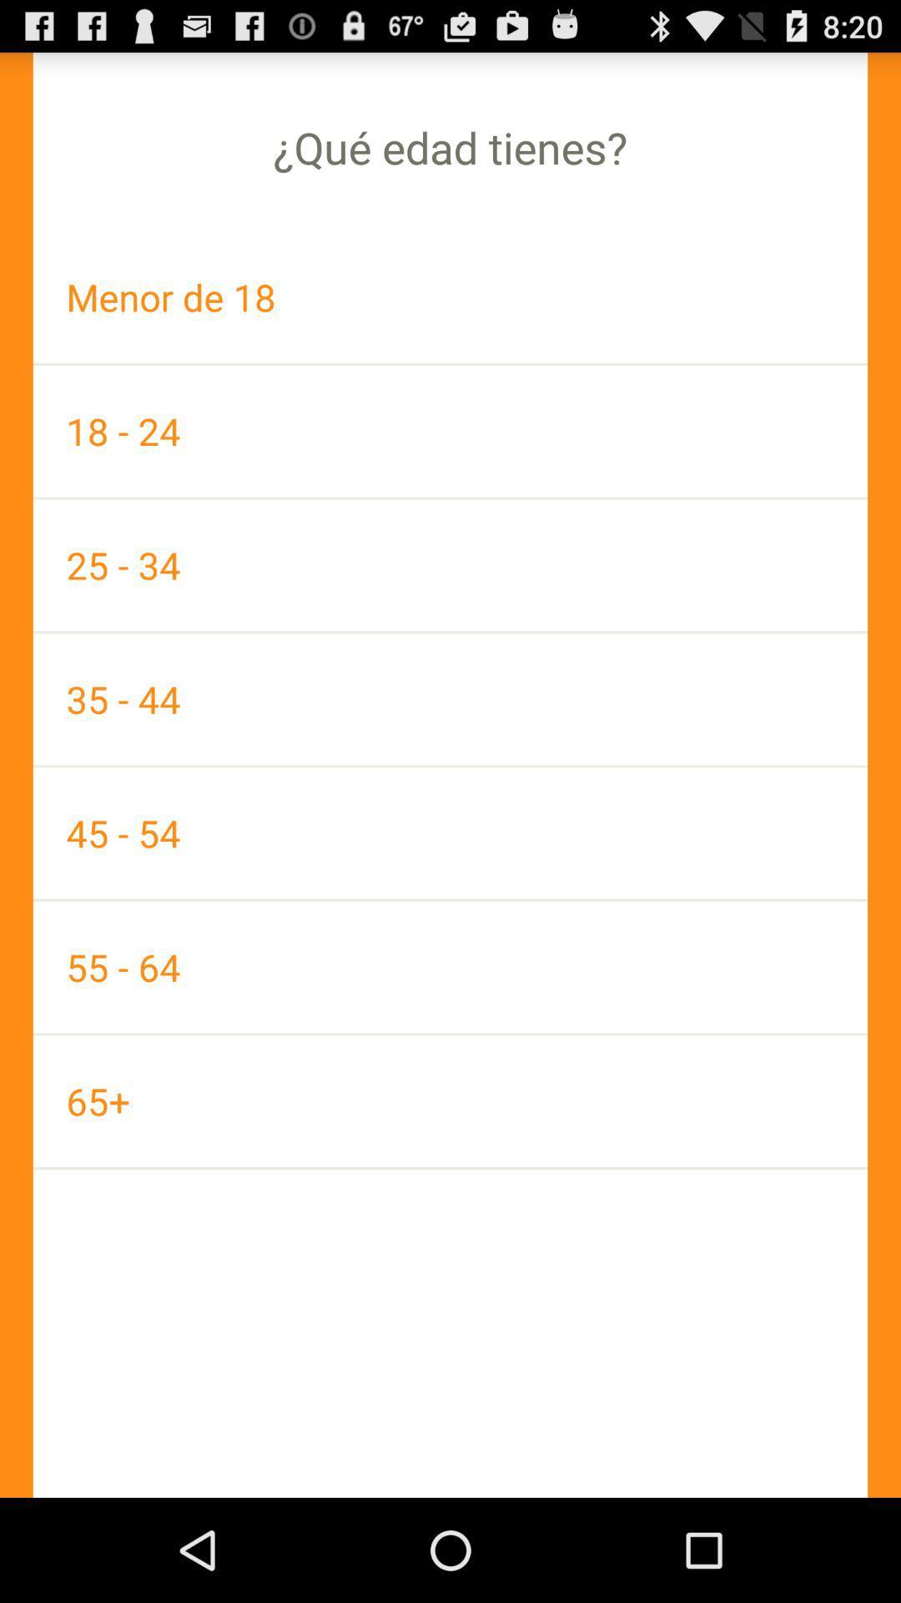 The width and height of the screenshot is (901, 1603). I want to click on the 55 - 64 app, so click(450, 967).